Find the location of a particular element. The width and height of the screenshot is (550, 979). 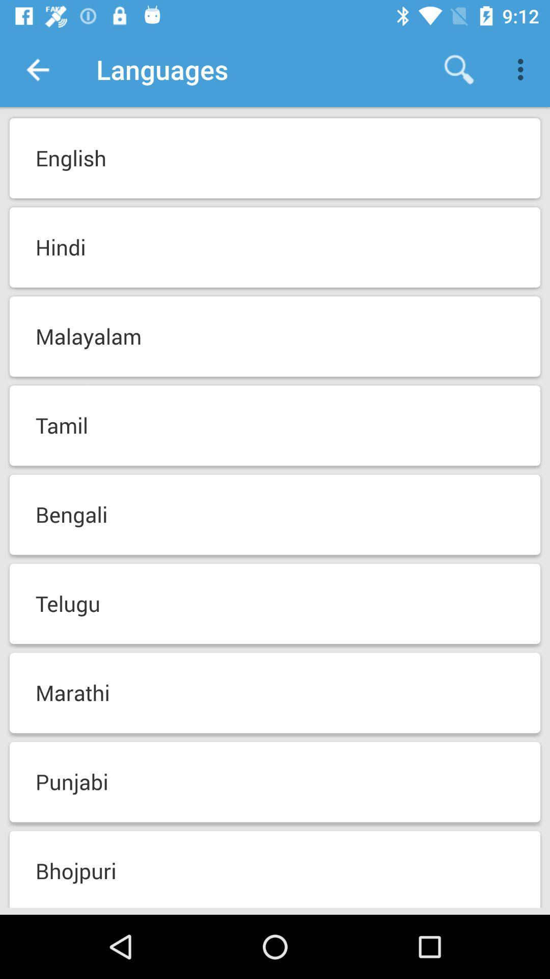

app next to the languages  item is located at coordinates (37, 69).